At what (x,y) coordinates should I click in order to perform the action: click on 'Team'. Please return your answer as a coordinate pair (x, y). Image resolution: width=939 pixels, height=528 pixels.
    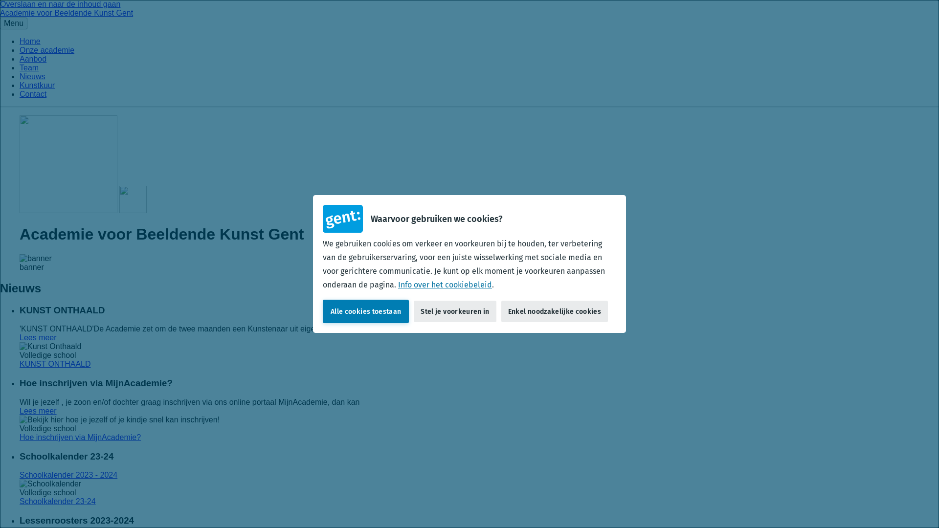
    Looking at the image, I should click on (29, 67).